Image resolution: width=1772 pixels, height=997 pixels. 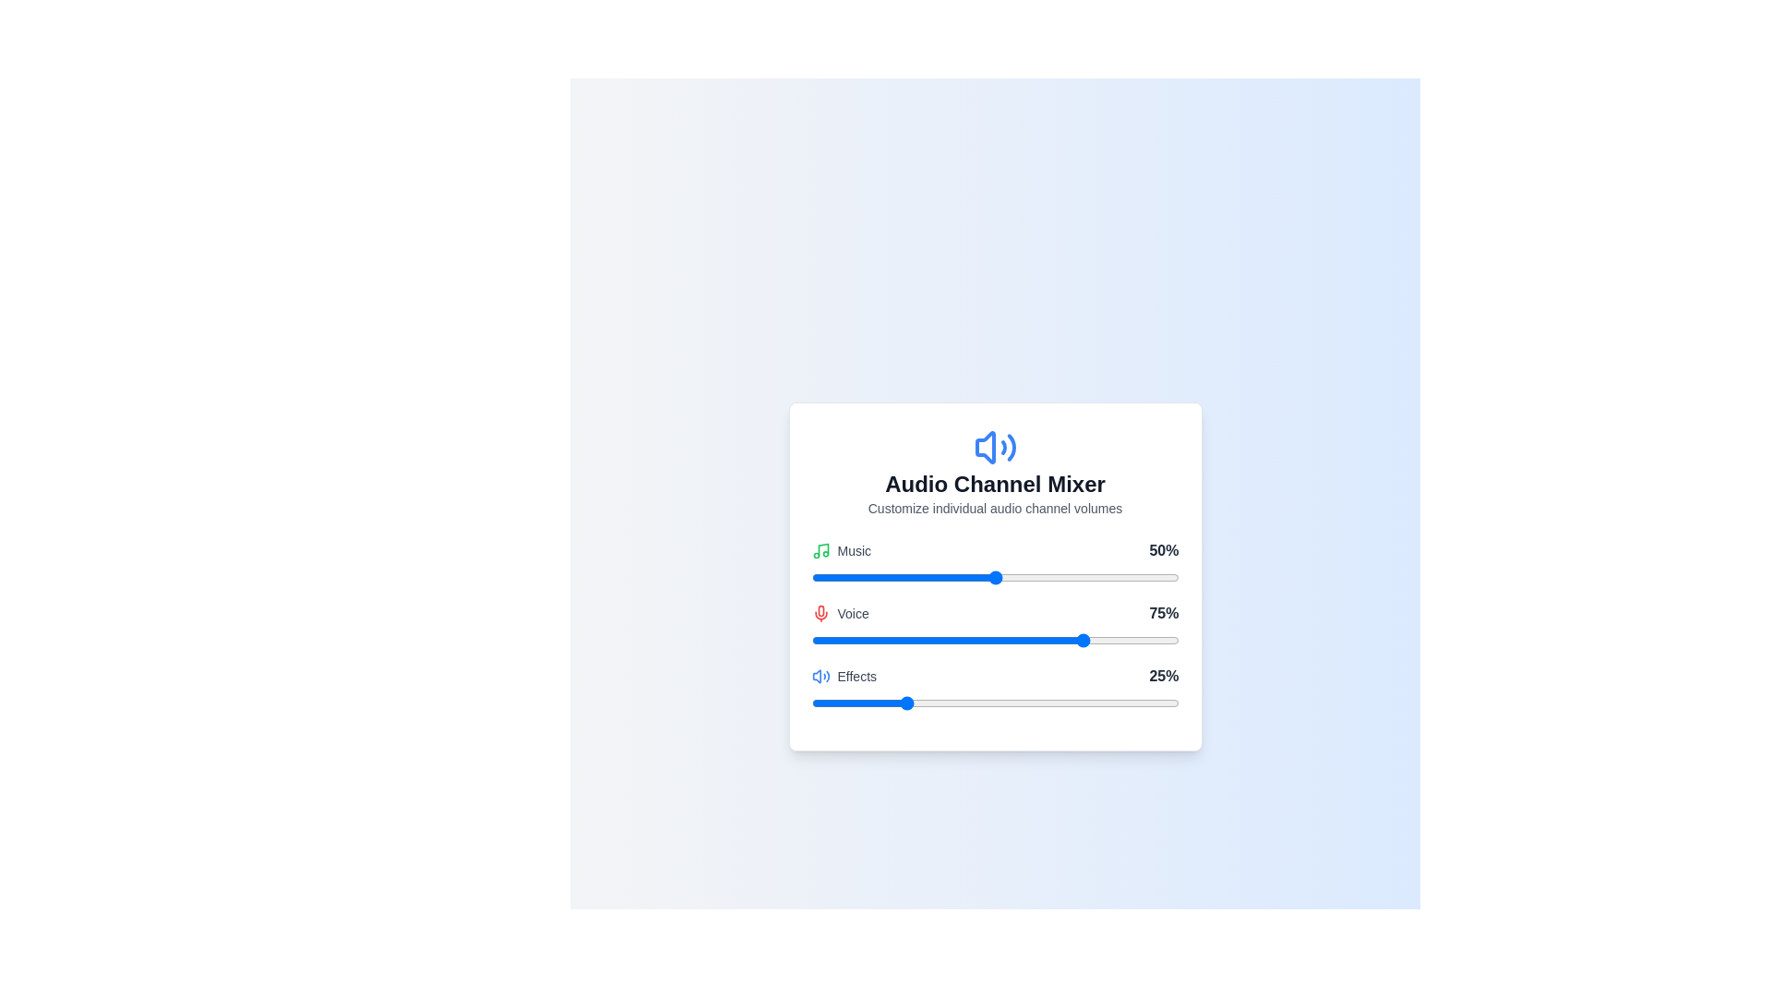 What do you see at coordinates (839, 613) in the screenshot?
I see `the Voice audio channel label in the Audio Channel Mixer interface, which is positioned in the middle row, second in the vertical layout, to the left of the '75%' percentage label` at bounding box center [839, 613].